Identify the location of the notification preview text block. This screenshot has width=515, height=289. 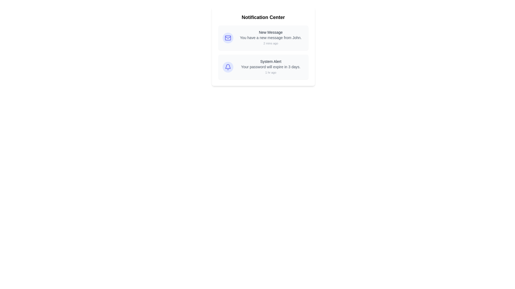
(271, 37).